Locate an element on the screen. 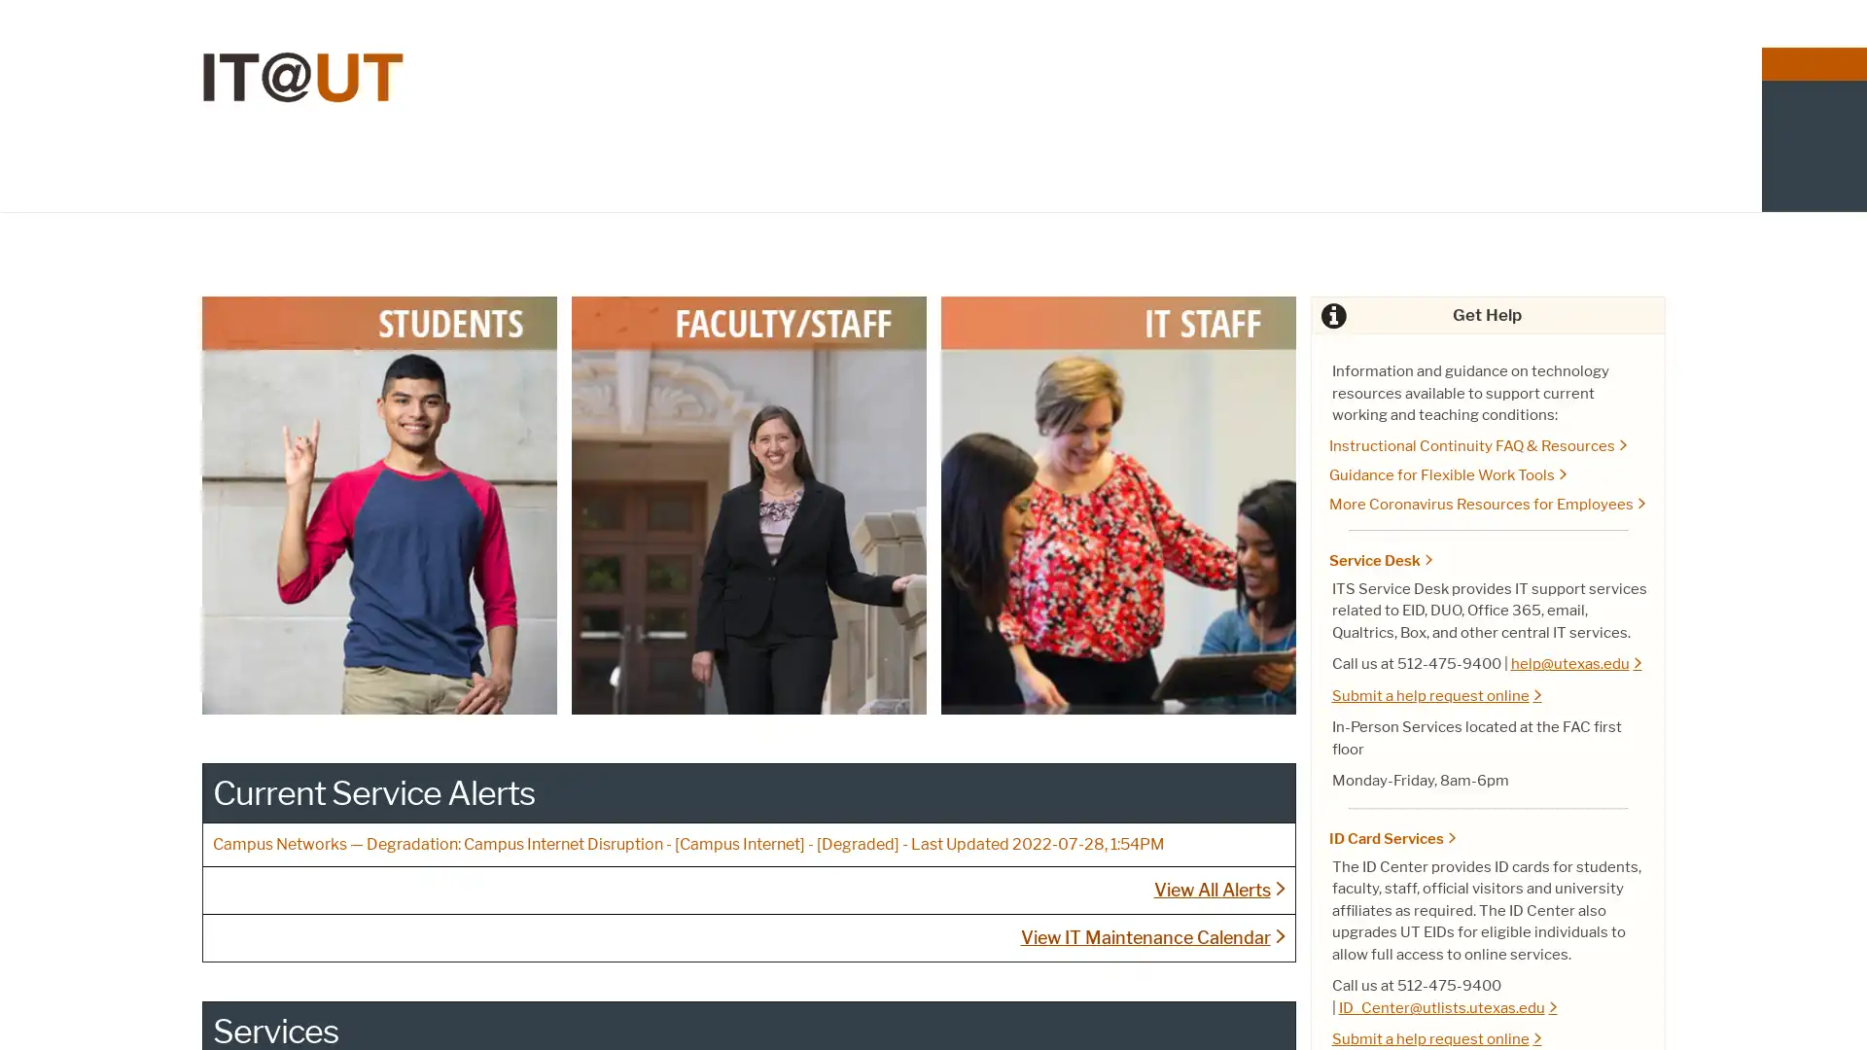 The width and height of the screenshot is (1867, 1050). Search is located at coordinates (1644, 141).